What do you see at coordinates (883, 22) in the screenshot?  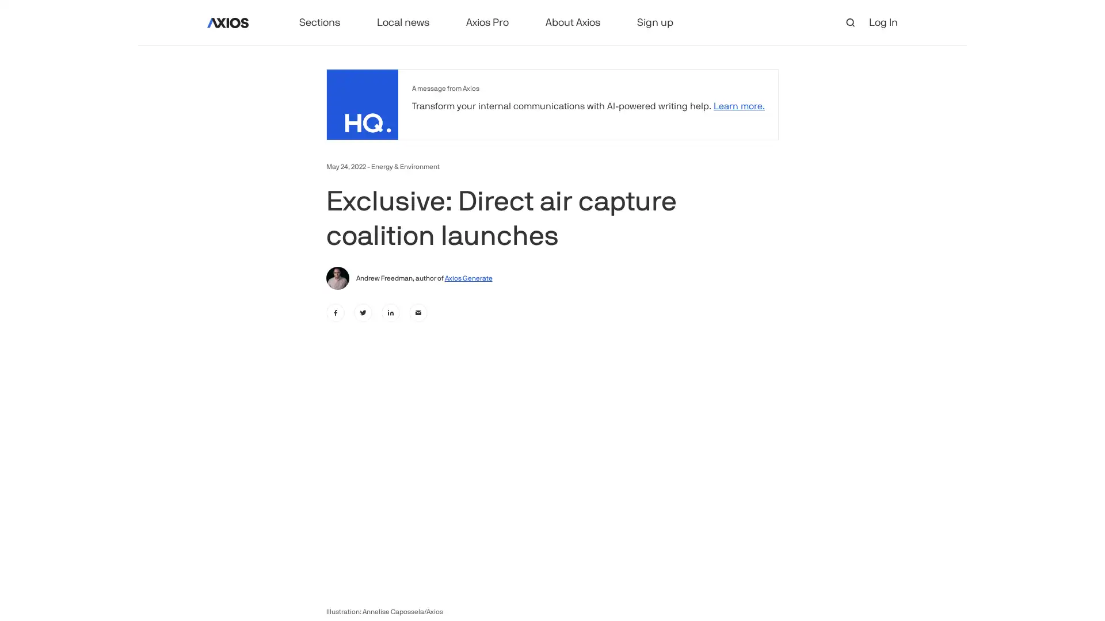 I see `Log In` at bounding box center [883, 22].